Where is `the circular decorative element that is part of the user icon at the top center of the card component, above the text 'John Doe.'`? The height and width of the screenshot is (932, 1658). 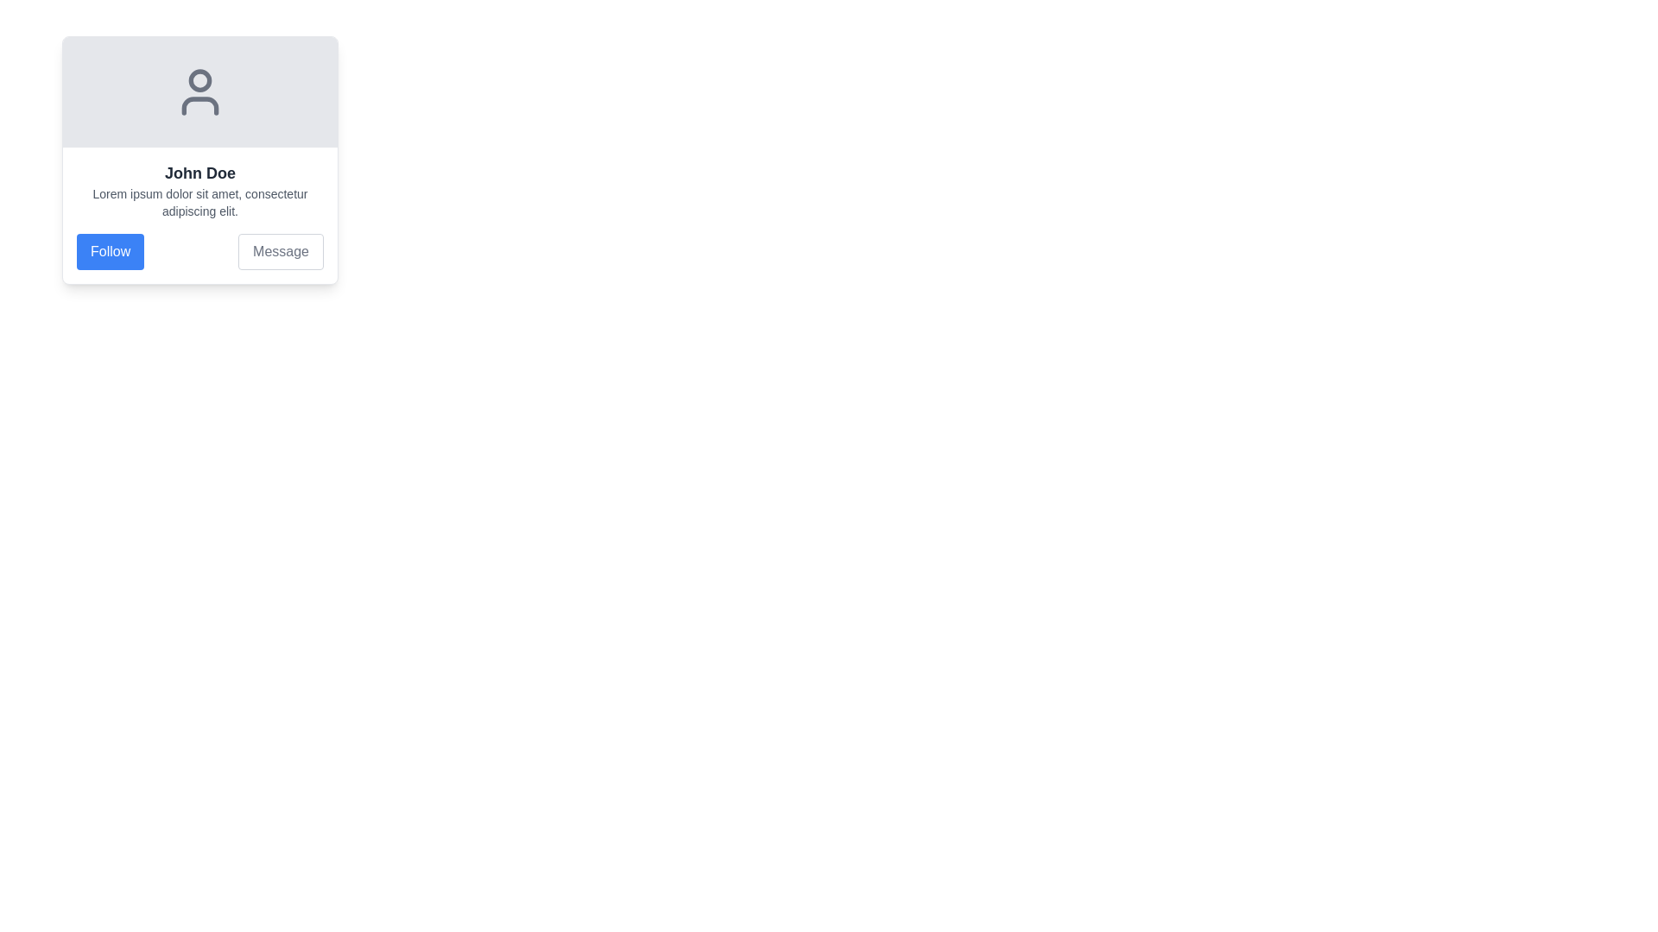
the circular decorative element that is part of the user icon at the top center of the card component, above the text 'John Doe.' is located at coordinates (199, 79).